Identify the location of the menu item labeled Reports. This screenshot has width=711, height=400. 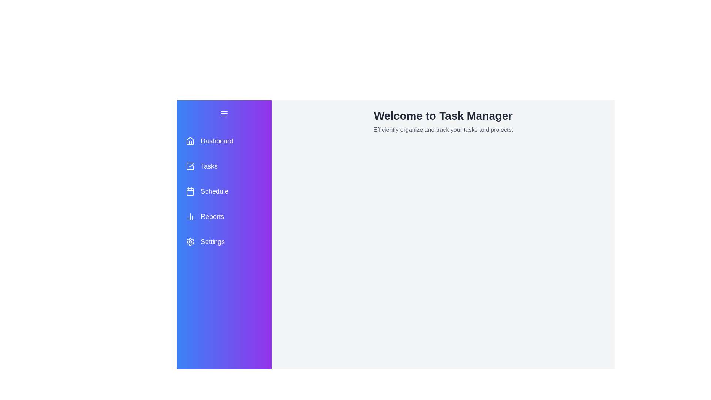
(224, 217).